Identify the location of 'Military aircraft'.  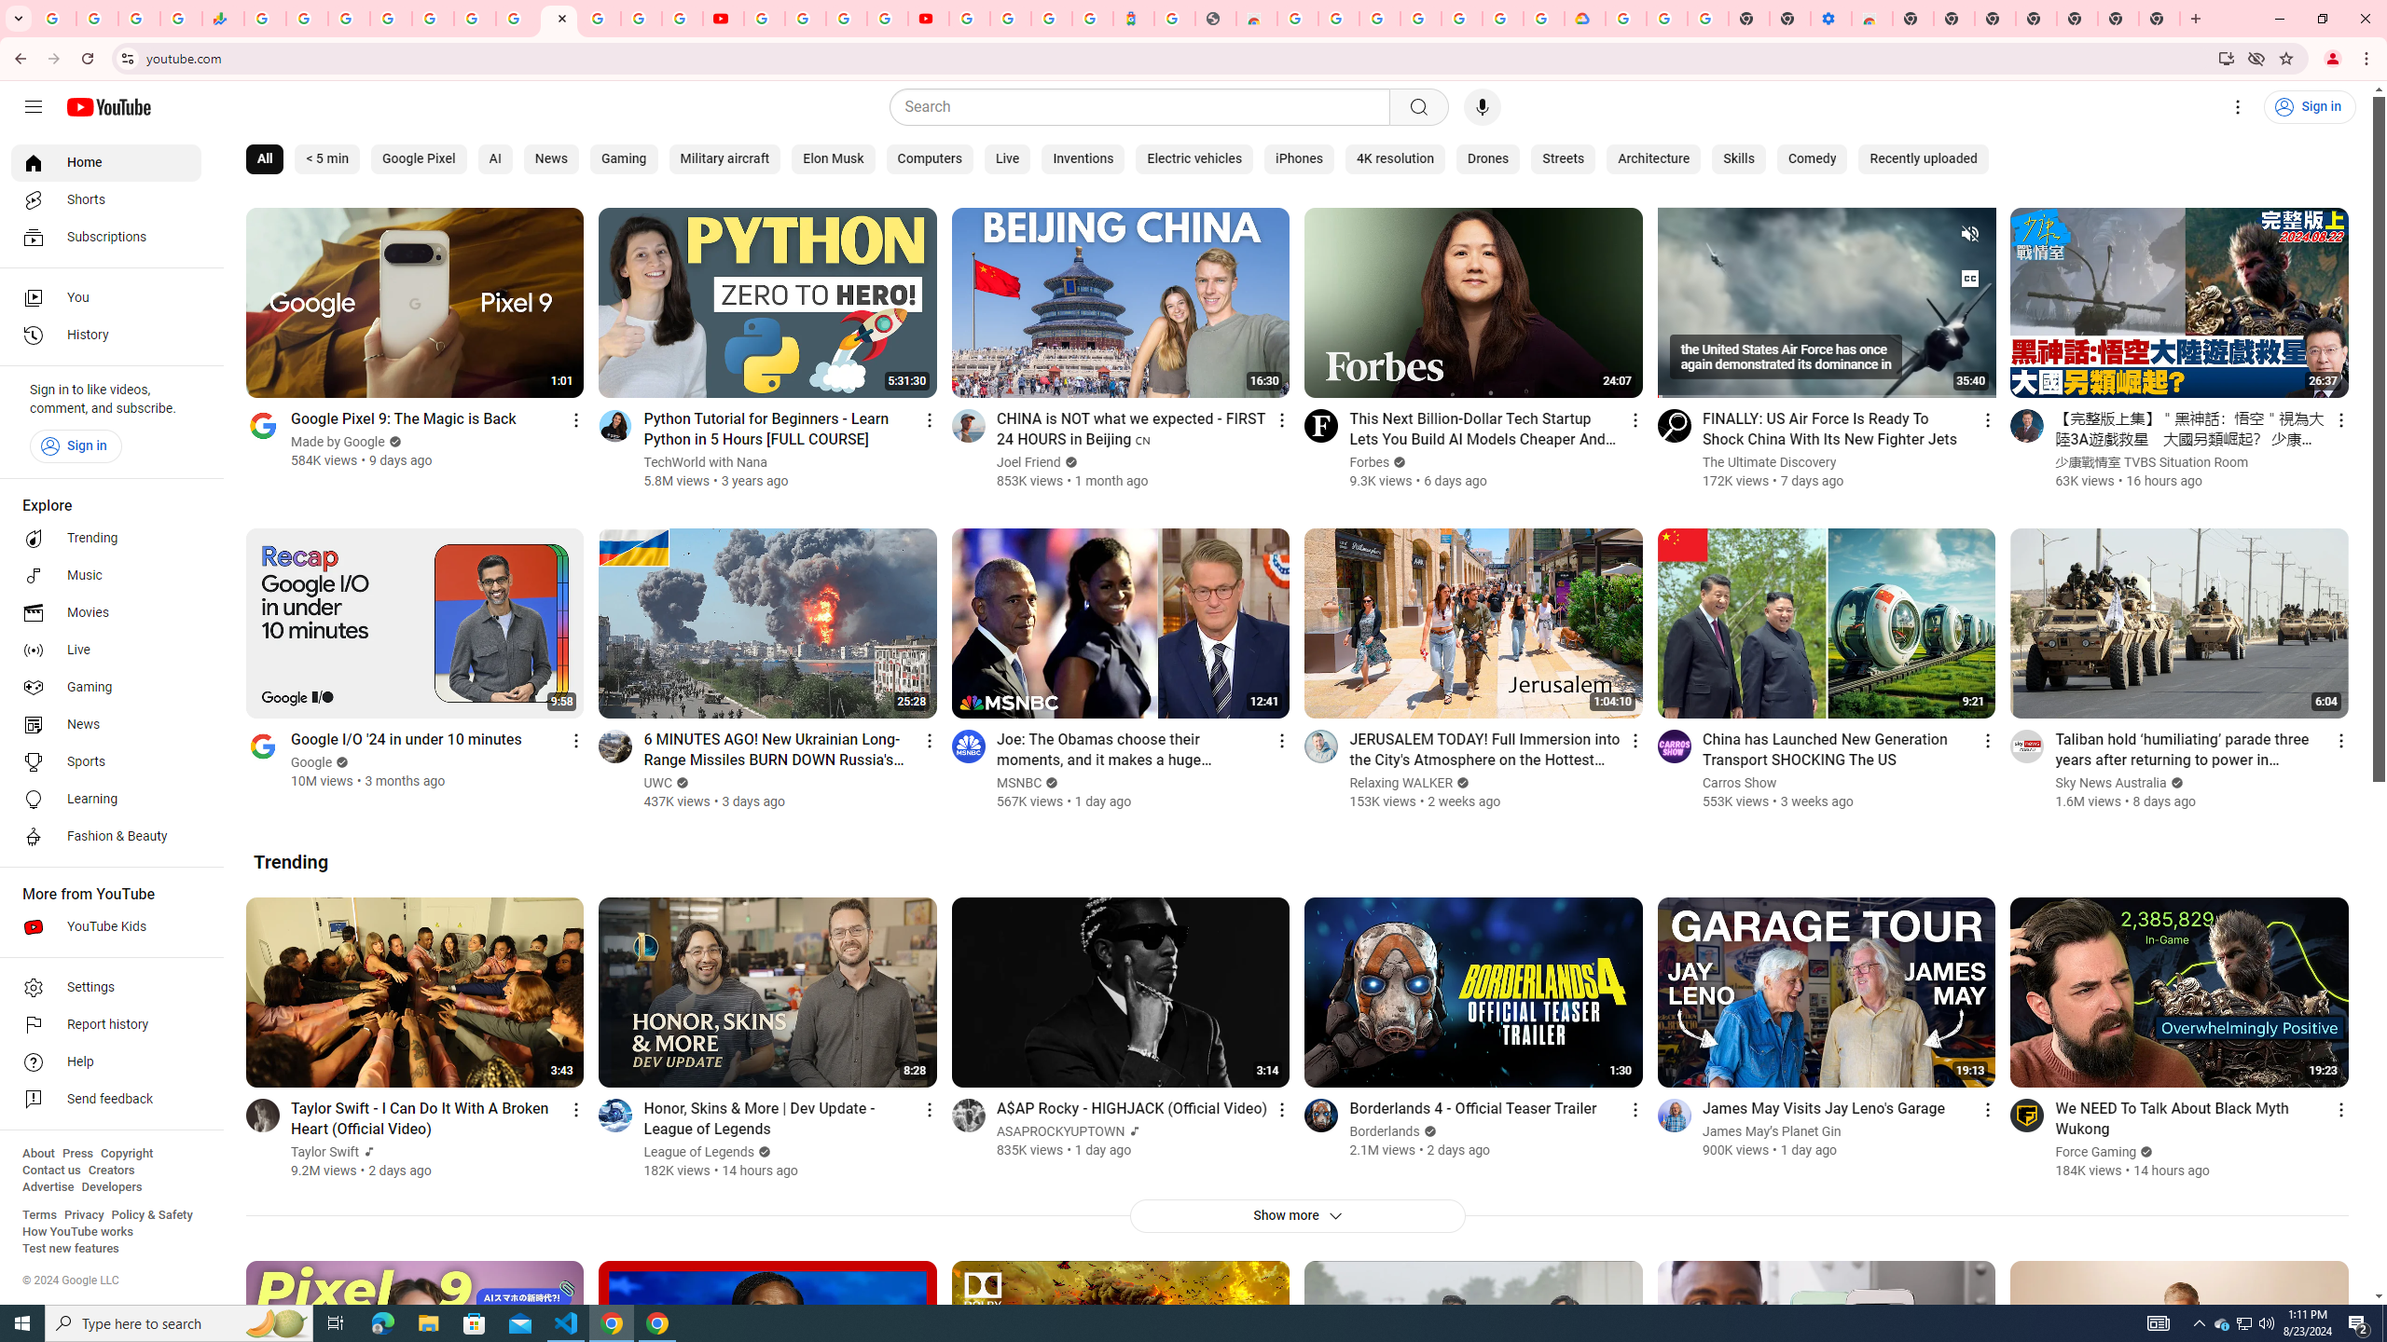
(723, 159).